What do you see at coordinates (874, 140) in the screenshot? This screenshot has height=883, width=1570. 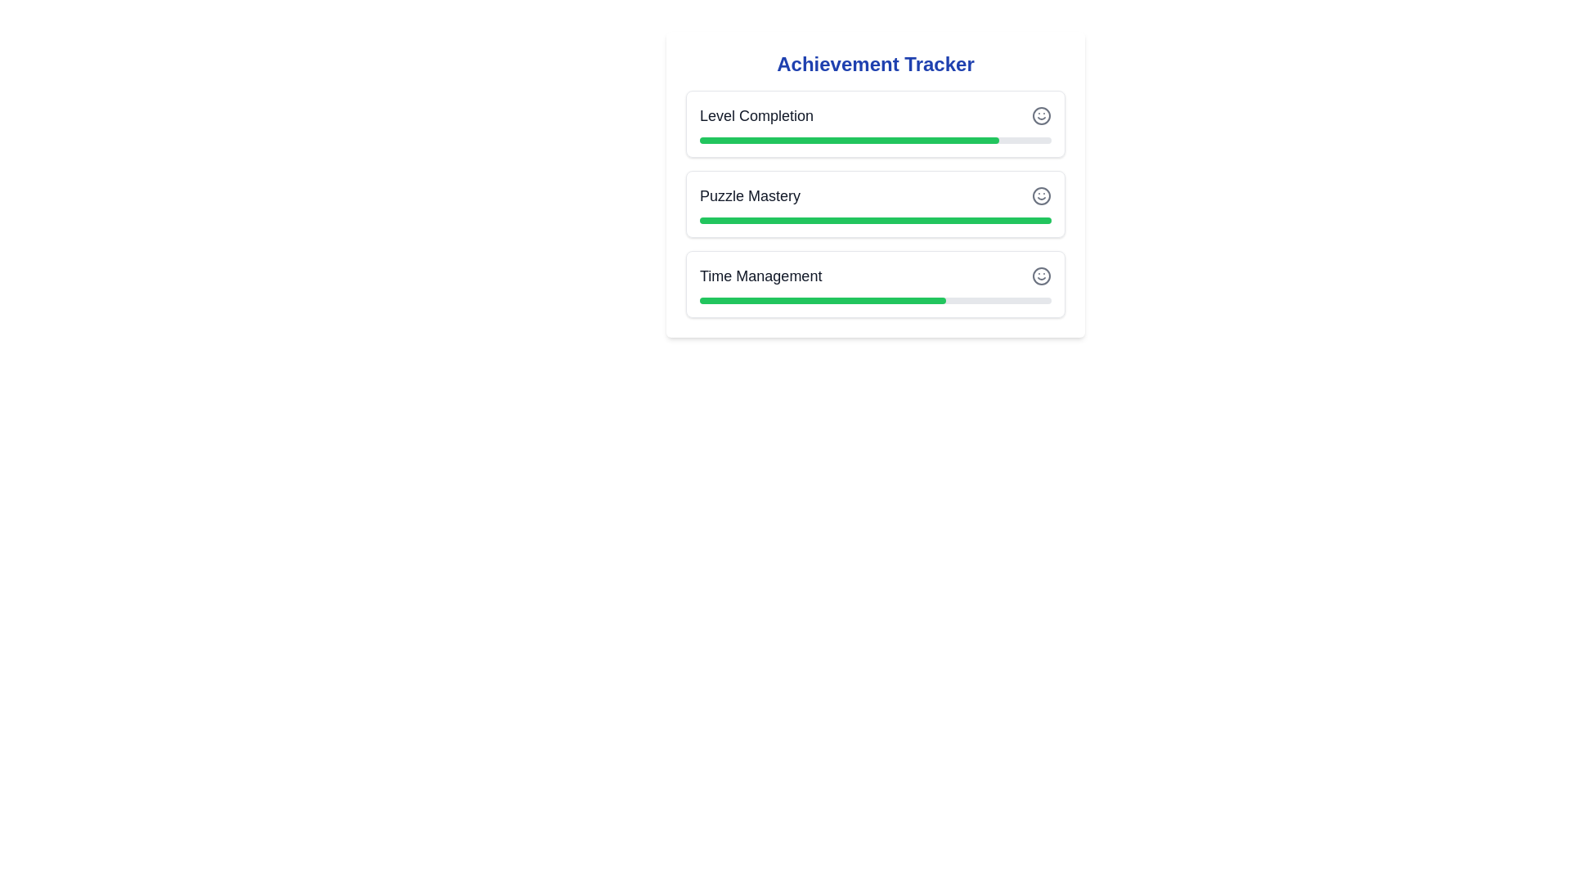 I see `the first progress bar beneath the 'Level Completion' header, which has a light gray background and a green segment indicating 85% completion` at bounding box center [874, 140].